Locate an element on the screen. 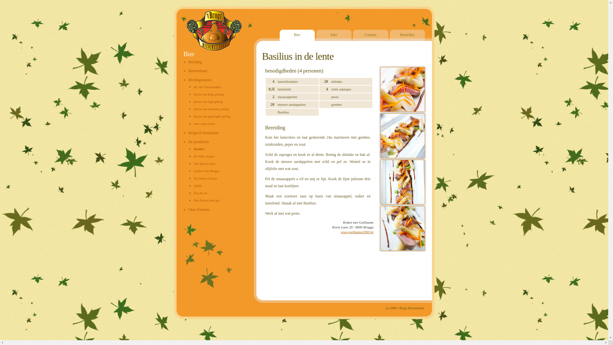  'bieren van lage gisting' is located at coordinates (206, 101).